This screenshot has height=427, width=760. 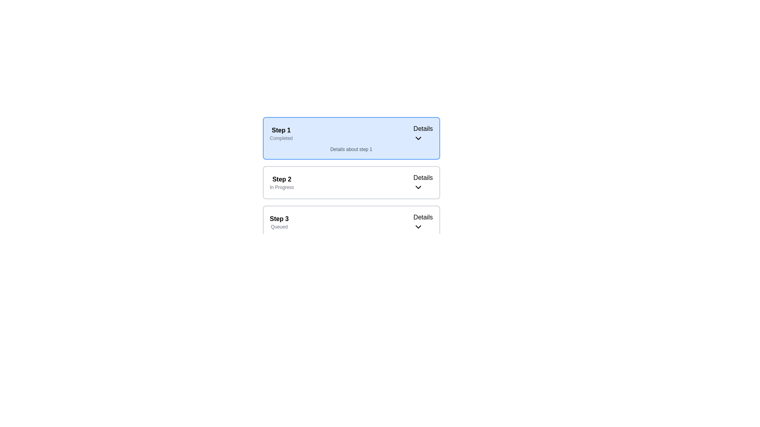 What do you see at coordinates (423, 222) in the screenshot?
I see `the Dropdown toggle button for 'Step 3'` at bounding box center [423, 222].